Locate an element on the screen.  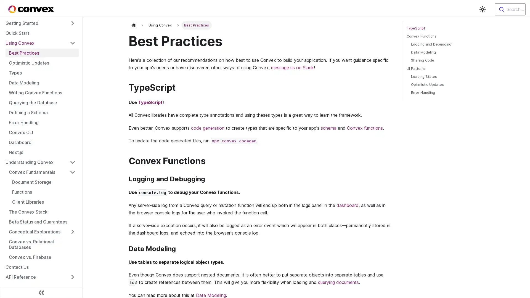
Toggle the collapsible sidebar category 'Convex Fundamentals' is located at coordinates (72, 172).